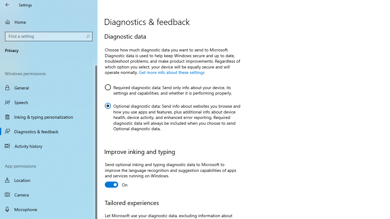 This screenshot has height=219, width=390. I want to click on 'Get more info about these settings', so click(171, 72).